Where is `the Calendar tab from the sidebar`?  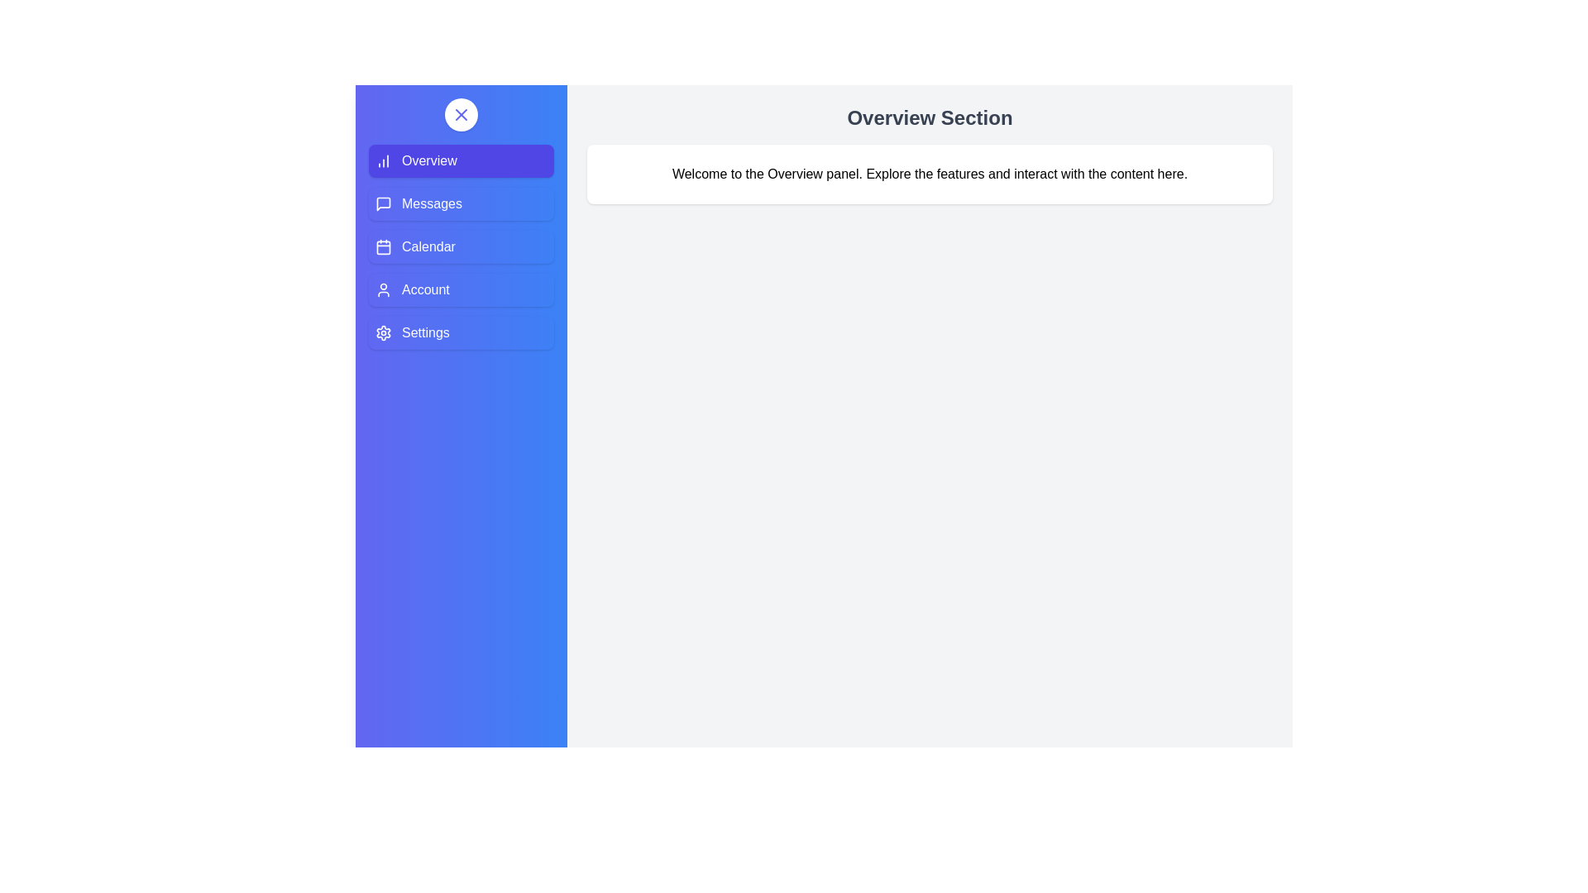
the Calendar tab from the sidebar is located at coordinates (461, 247).